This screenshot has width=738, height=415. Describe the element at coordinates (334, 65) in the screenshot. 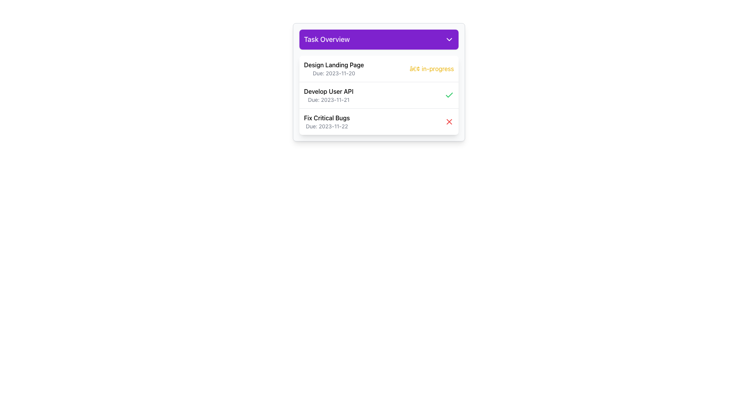

I see `the 'Design Landing Page' text label element at the top of the task list interface` at that location.